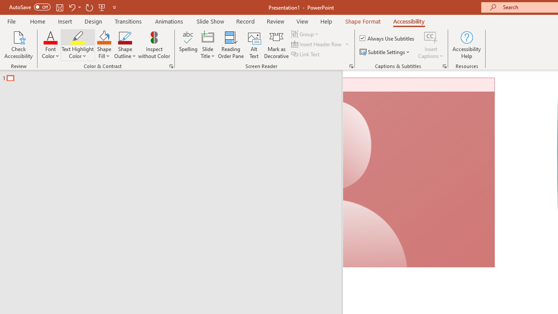  What do you see at coordinates (445, 65) in the screenshot?
I see `'Captions & Subtitles'` at bounding box center [445, 65].